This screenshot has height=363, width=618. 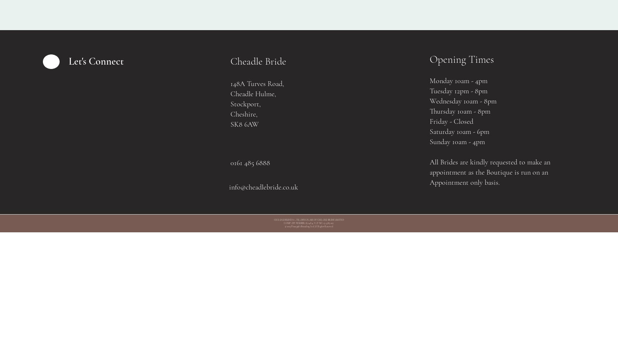 I want to click on 'Let's Connect', so click(x=96, y=61).